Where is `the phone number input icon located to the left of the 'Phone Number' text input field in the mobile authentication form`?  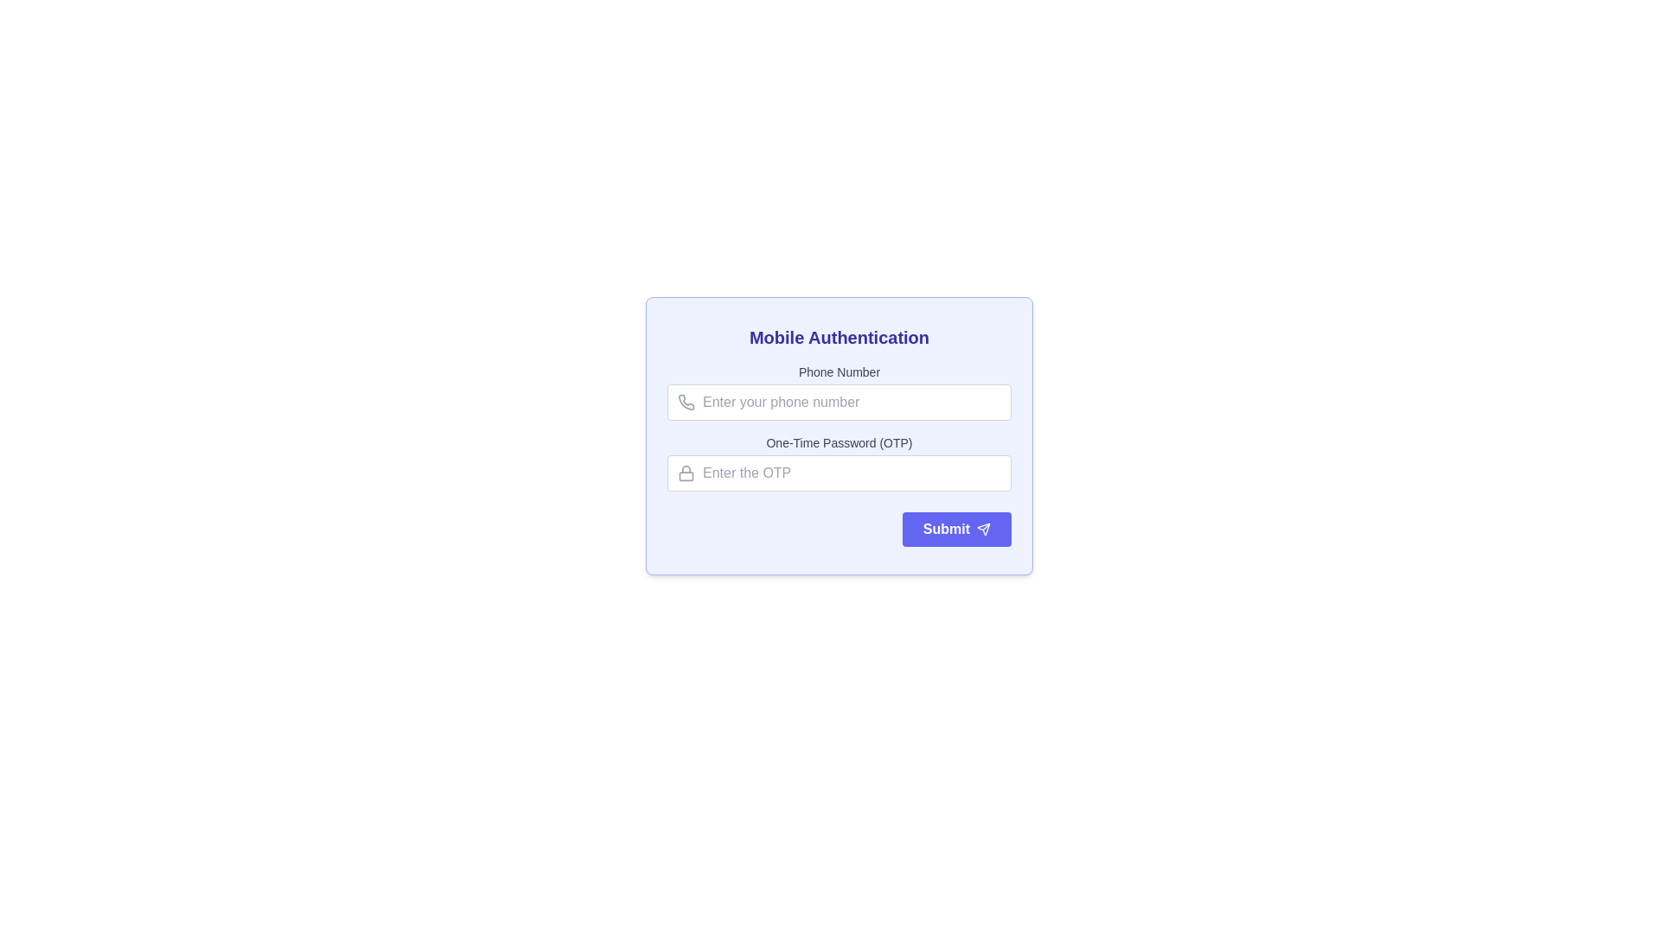
the phone number input icon located to the left of the 'Phone Number' text input field in the mobile authentication form is located at coordinates (686, 403).